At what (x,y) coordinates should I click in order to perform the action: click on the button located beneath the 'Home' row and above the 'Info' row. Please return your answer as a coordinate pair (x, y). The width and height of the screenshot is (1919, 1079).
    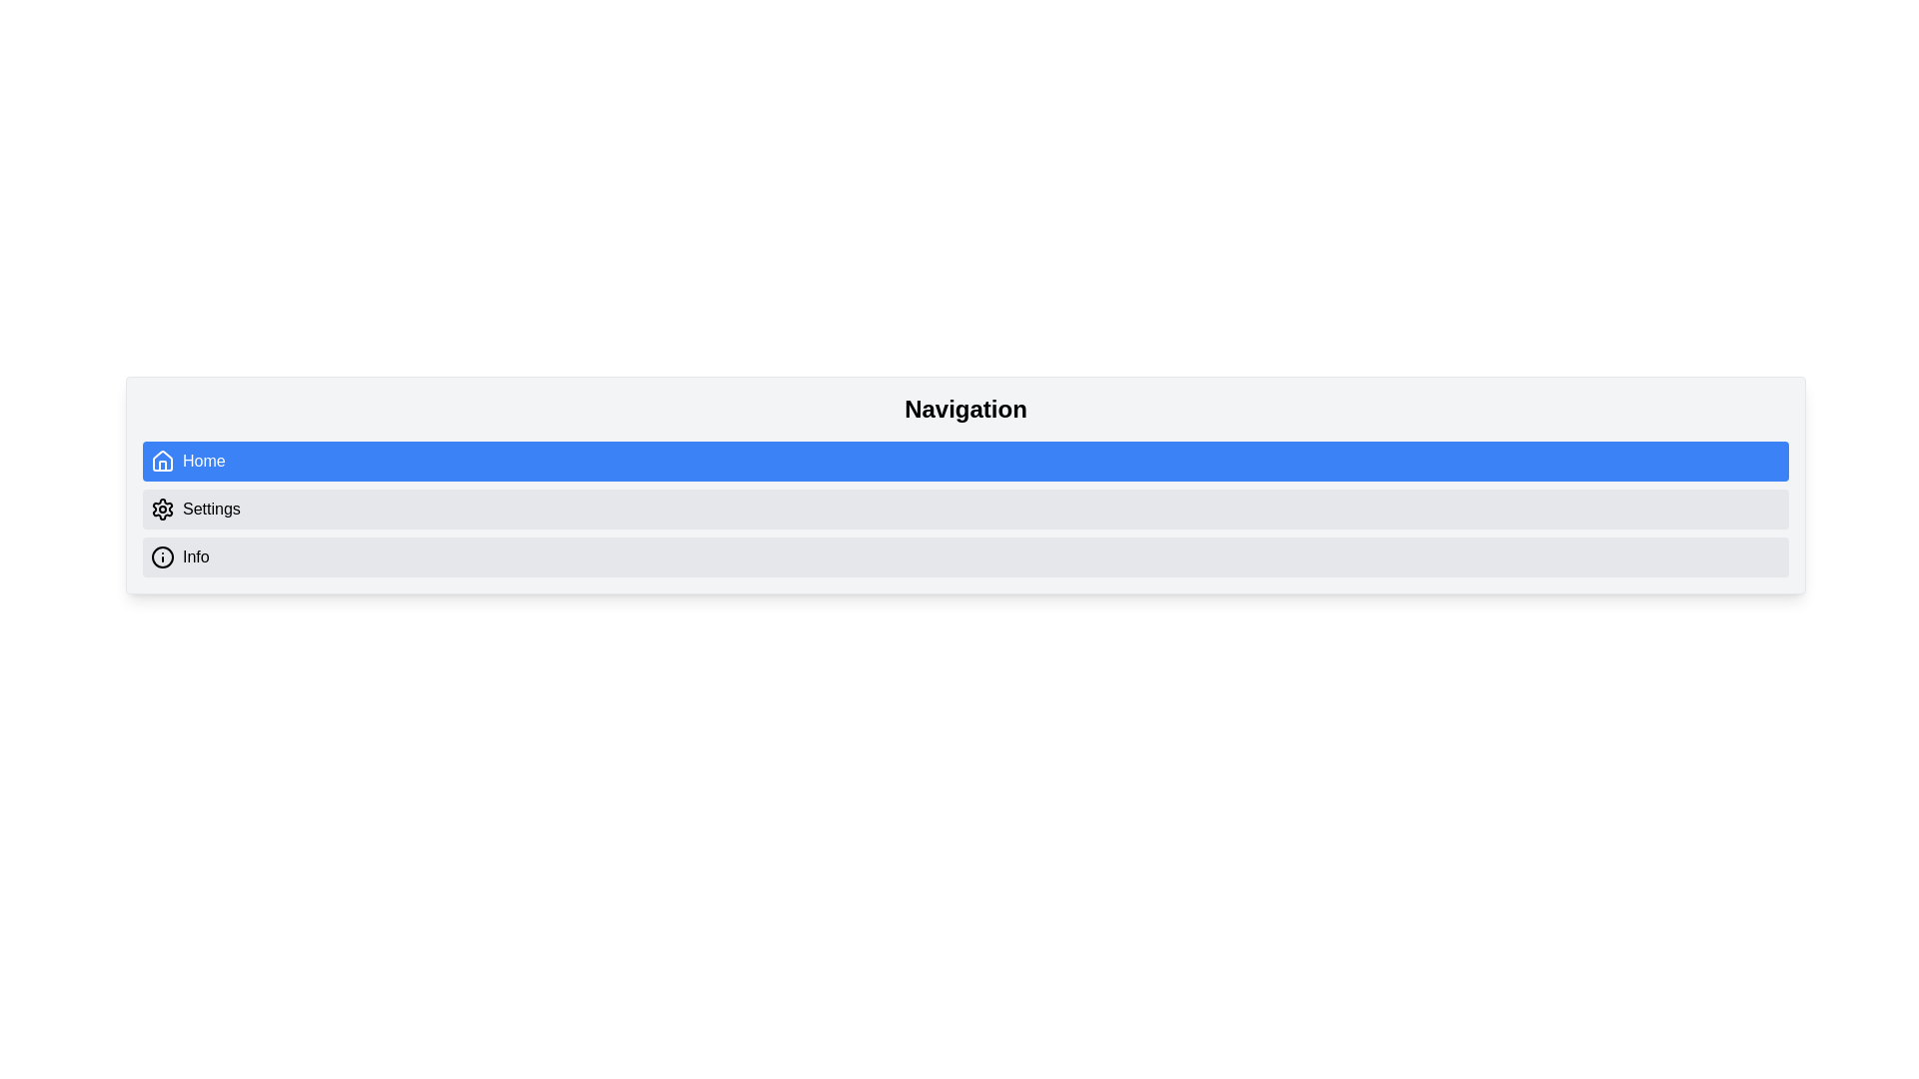
    Looking at the image, I should click on (965, 508).